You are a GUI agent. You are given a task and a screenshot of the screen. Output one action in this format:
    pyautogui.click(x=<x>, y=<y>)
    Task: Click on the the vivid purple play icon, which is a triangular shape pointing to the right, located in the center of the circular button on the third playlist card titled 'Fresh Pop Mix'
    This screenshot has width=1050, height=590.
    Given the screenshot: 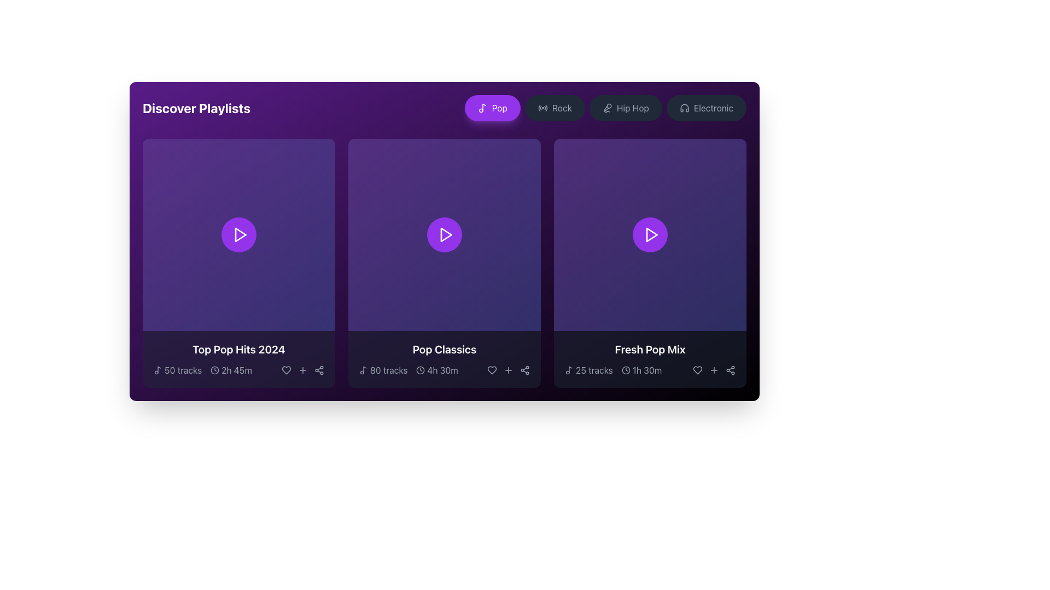 What is the action you would take?
    pyautogui.click(x=651, y=234)
    